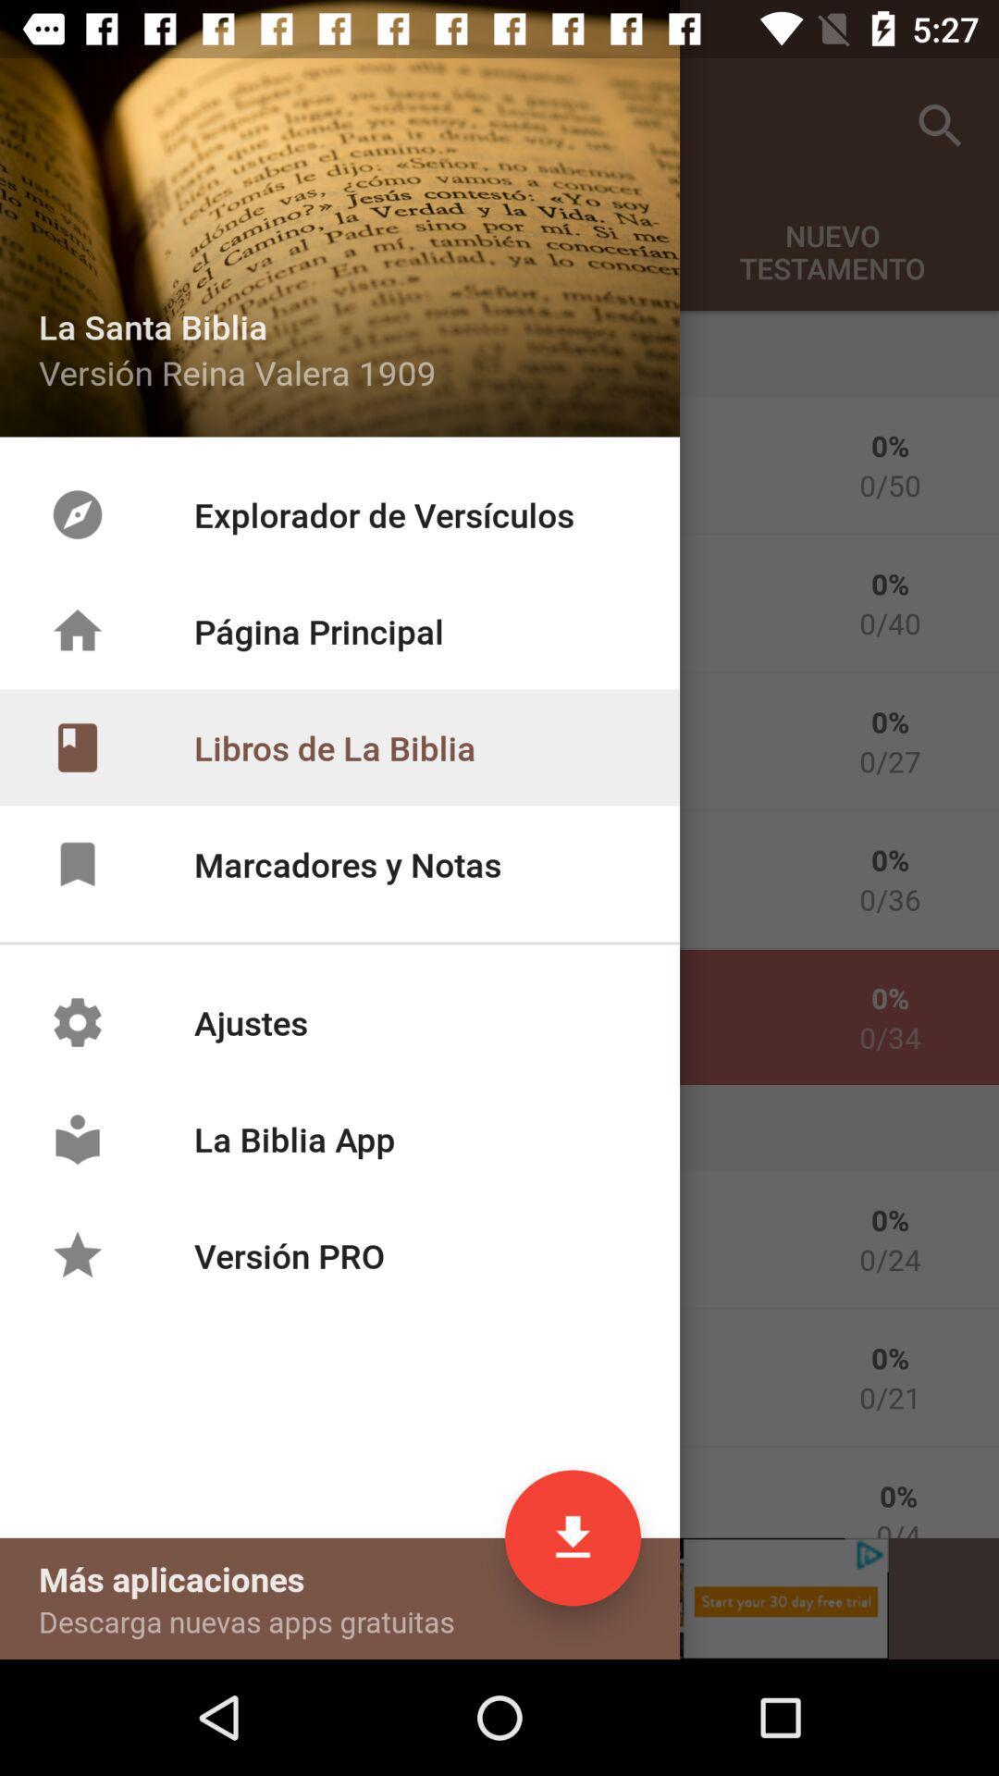  What do you see at coordinates (87, 1017) in the screenshot?
I see `the settings icon which is left had side of the text ajustes` at bounding box center [87, 1017].